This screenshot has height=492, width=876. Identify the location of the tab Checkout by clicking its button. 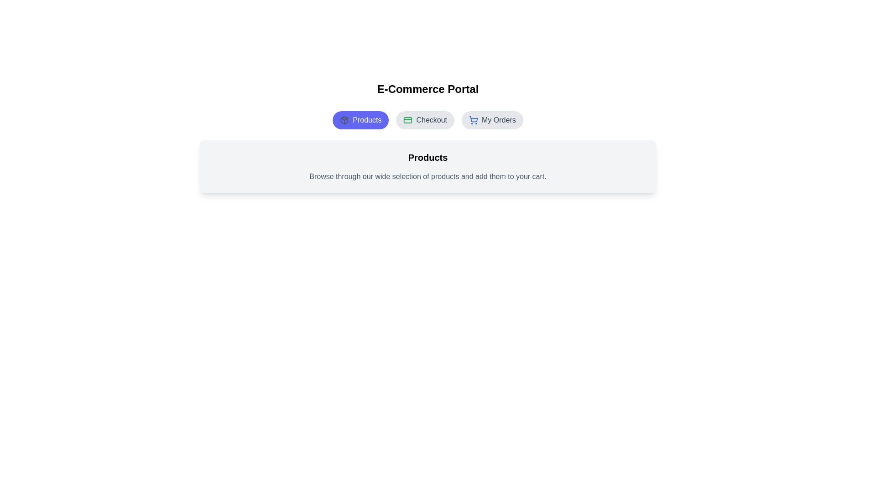
(425, 119).